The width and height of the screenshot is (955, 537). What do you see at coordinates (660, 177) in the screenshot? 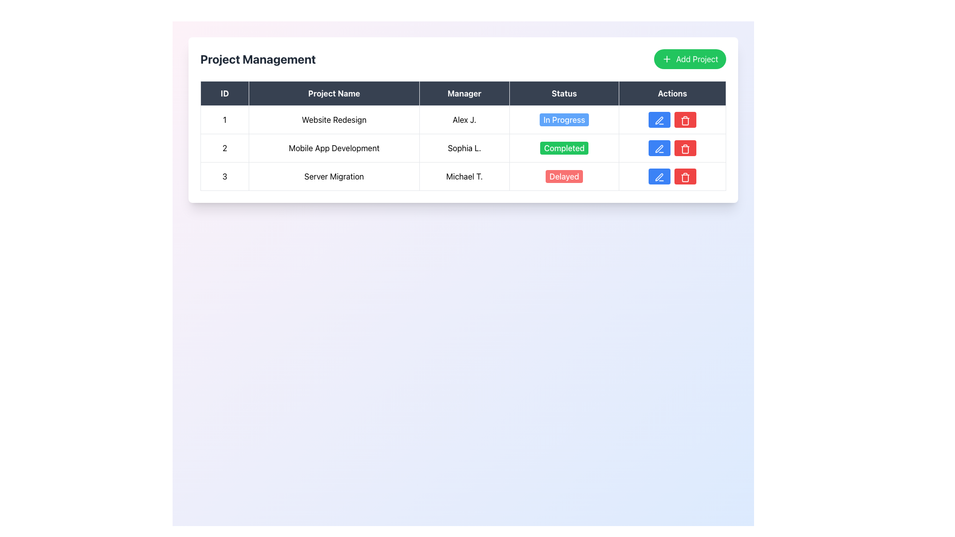
I see `the blue pen icon button in the last row of the 'Actions' column to initiate editing` at bounding box center [660, 177].